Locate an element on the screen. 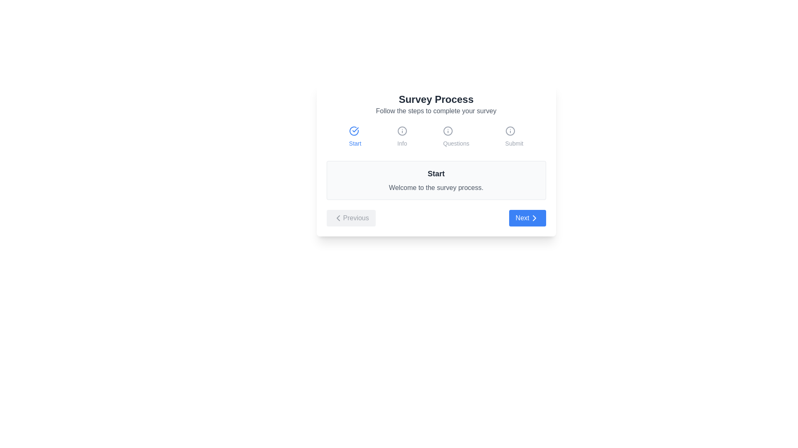 This screenshot has height=448, width=798. the 'Questions' text label, which is the third step in the navigation stepper interface, positioned below the circular 'i' icon is located at coordinates (456, 143).